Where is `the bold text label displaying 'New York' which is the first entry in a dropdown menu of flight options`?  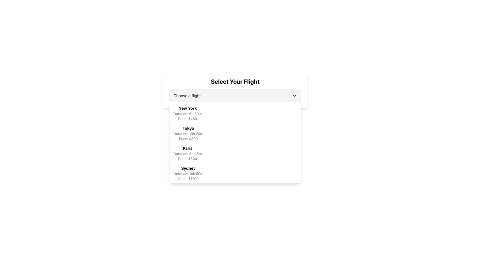
the bold text label displaying 'New York' which is the first entry in a dropdown menu of flight options is located at coordinates (187, 108).